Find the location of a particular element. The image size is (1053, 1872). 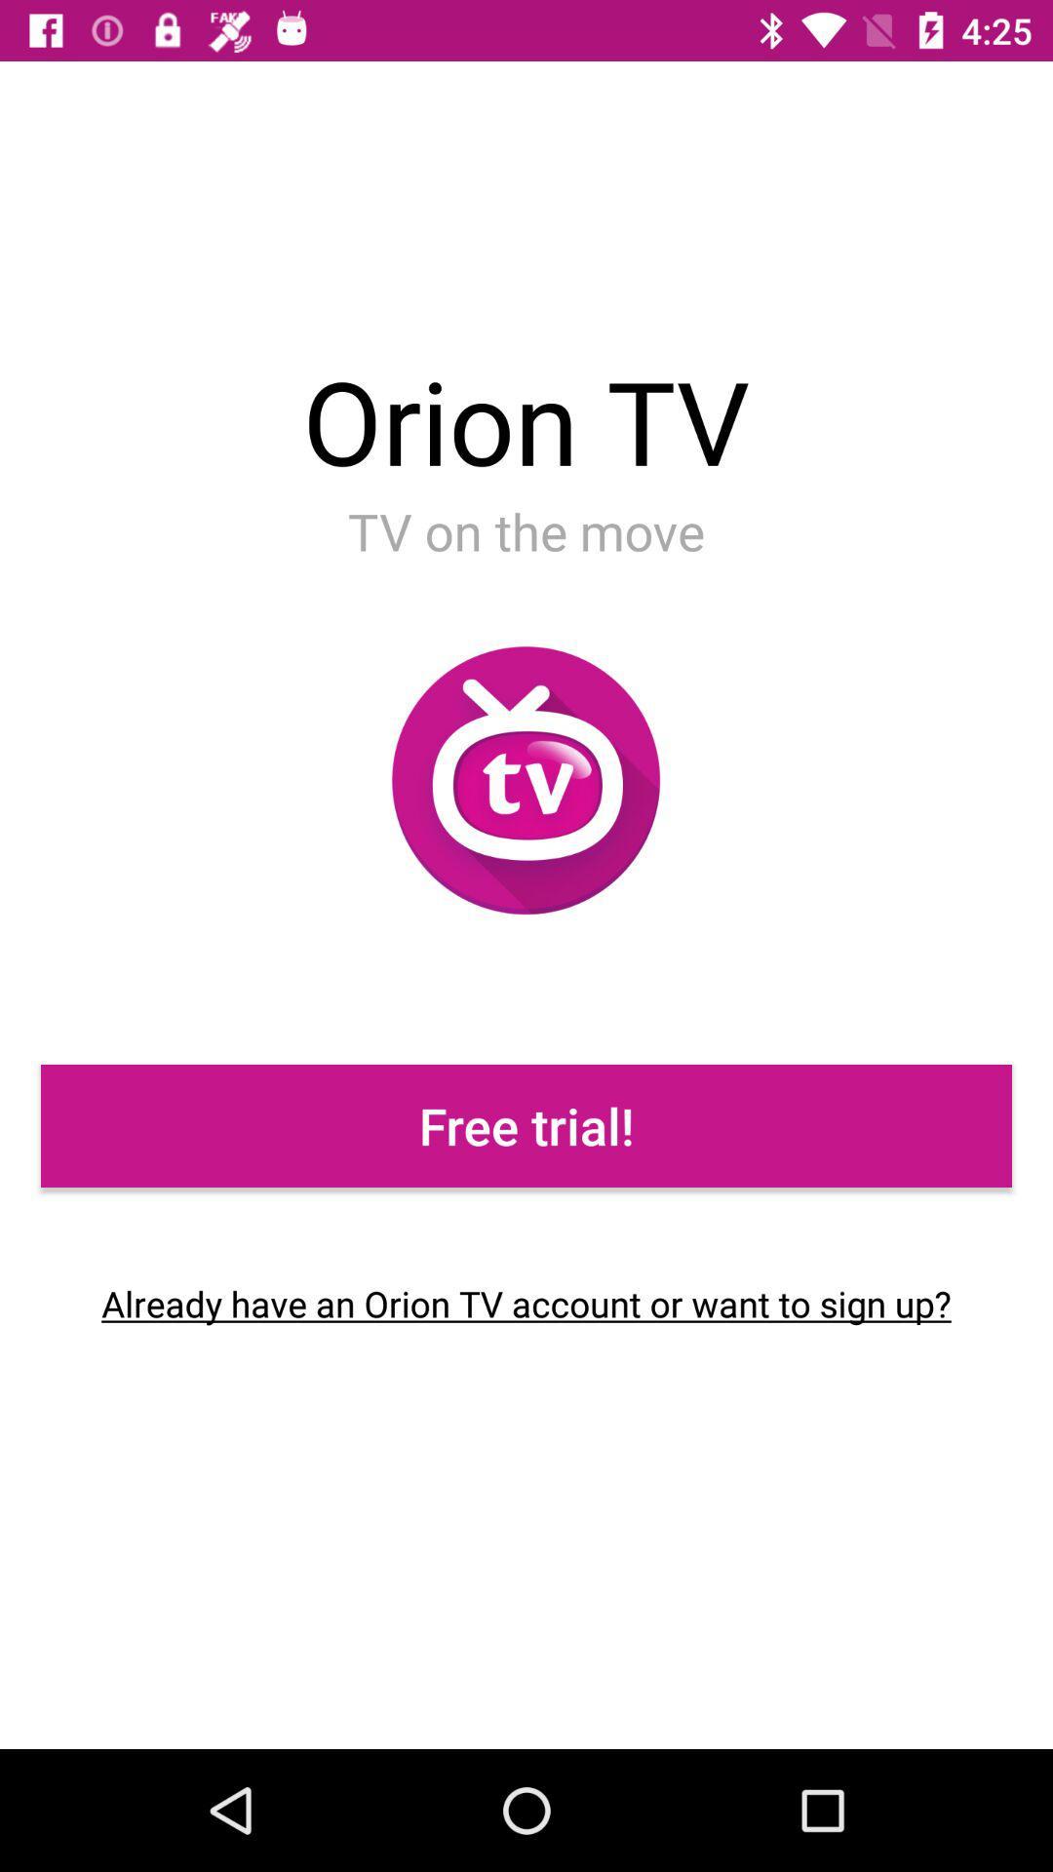

the free trial! icon is located at coordinates (526, 1126).